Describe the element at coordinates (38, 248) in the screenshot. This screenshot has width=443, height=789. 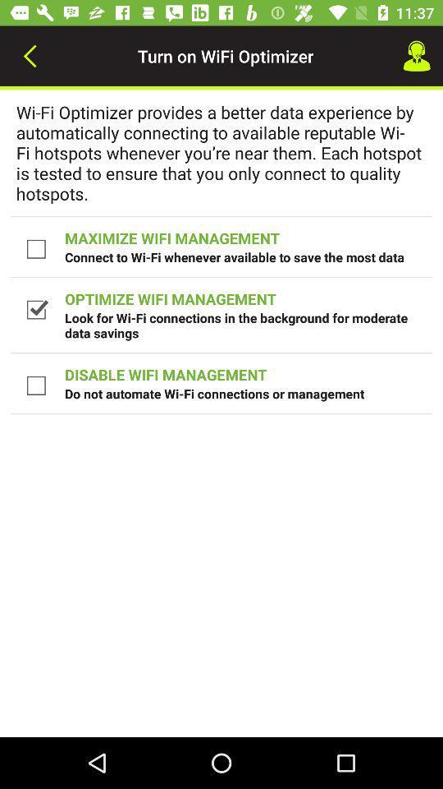
I see `the icon to the left of the maximize wifi management` at that location.